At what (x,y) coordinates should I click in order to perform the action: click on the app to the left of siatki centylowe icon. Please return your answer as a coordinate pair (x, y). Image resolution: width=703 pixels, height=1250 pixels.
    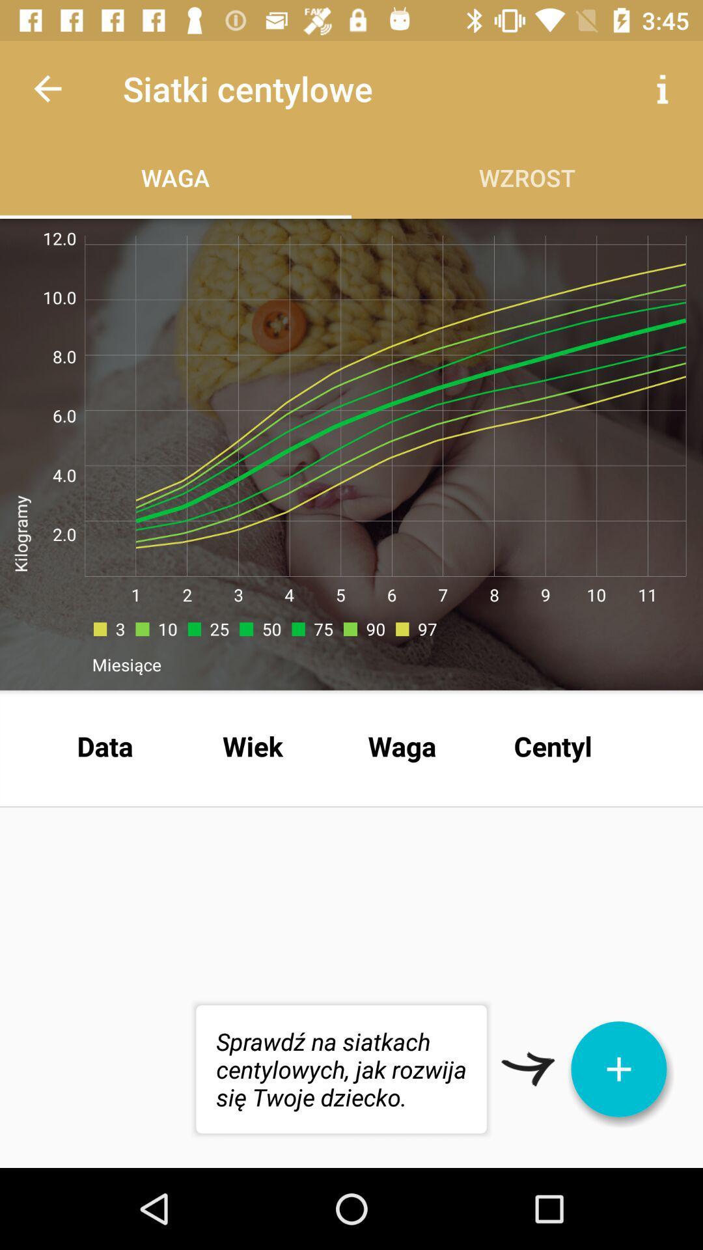
    Looking at the image, I should click on (47, 88).